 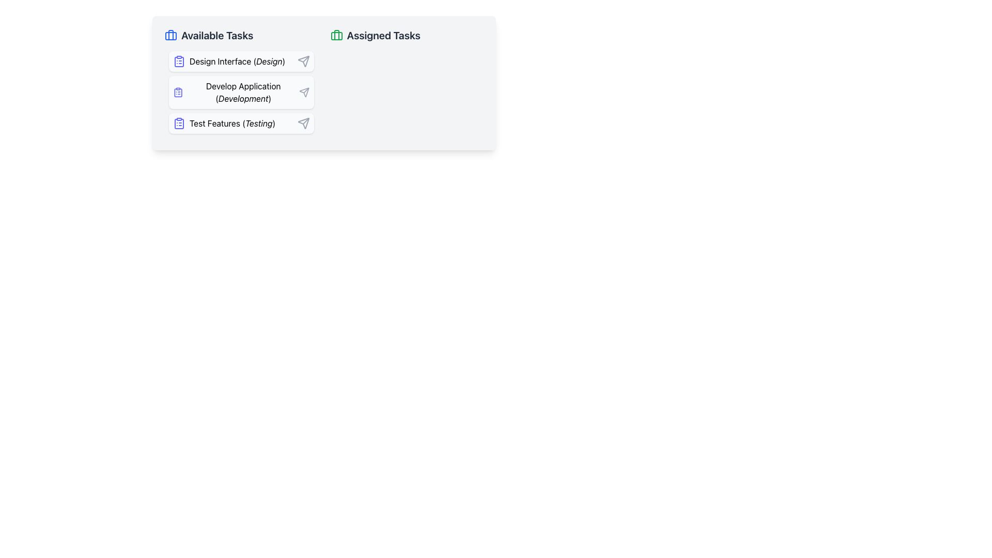 I want to click on the clipboard-like icon component located within the 'Available Tasks' section, specifically next to the 'Test Features (Testing)' task, so click(x=179, y=123).